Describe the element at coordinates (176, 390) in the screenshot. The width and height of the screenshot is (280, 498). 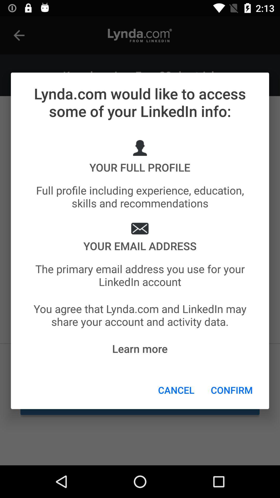
I see `the cancel icon` at that location.